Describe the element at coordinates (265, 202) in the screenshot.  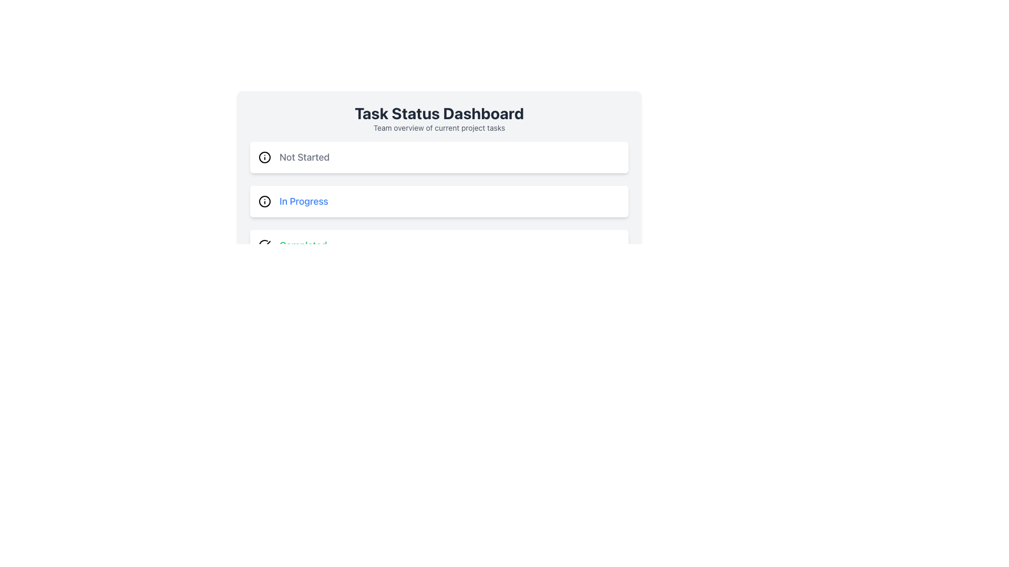
I see `the SVG-based informational icon located to the left of the 'In Progress' label to understand its symbolic representation` at that location.